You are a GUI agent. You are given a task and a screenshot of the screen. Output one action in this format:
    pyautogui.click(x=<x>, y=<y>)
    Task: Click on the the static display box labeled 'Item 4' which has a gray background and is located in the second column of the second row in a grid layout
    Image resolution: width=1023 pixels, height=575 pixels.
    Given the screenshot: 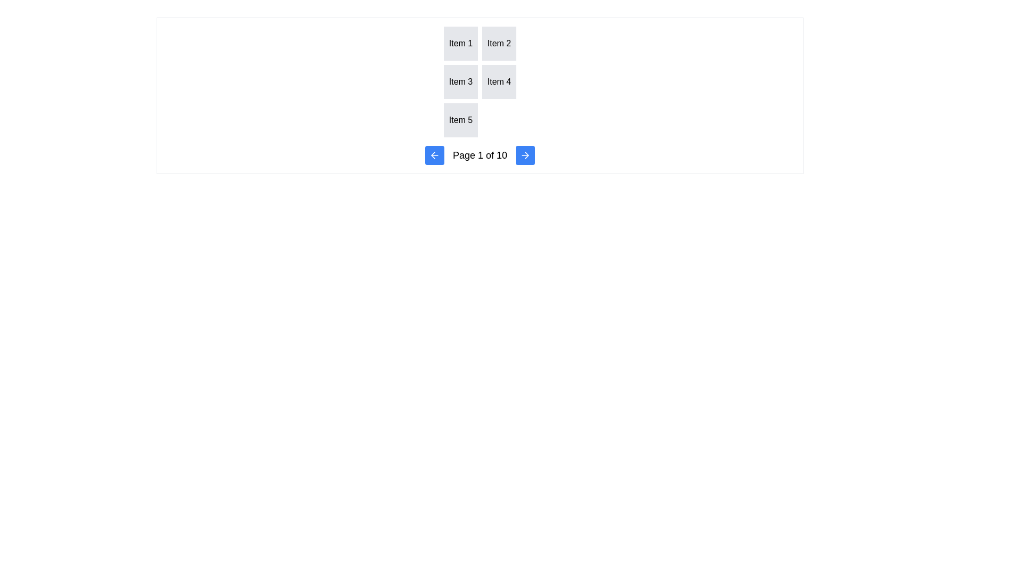 What is the action you would take?
    pyautogui.click(x=498, y=81)
    